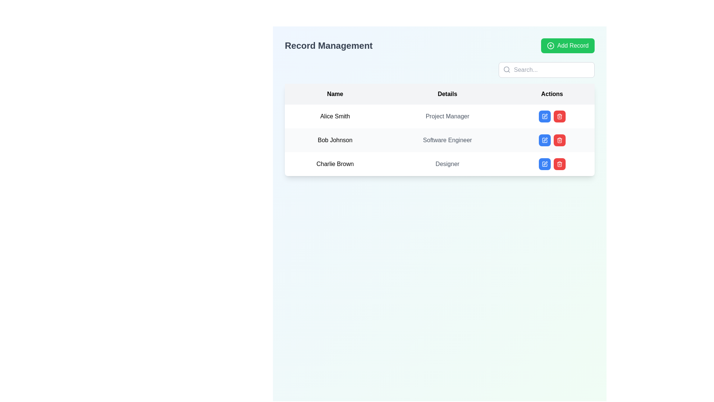  What do you see at coordinates (328, 46) in the screenshot?
I see `the prominent 'Record Management' text label, which is styled in bold with a larger font size and gray coloring, located near the top-left portion of the interface` at bounding box center [328, 46].